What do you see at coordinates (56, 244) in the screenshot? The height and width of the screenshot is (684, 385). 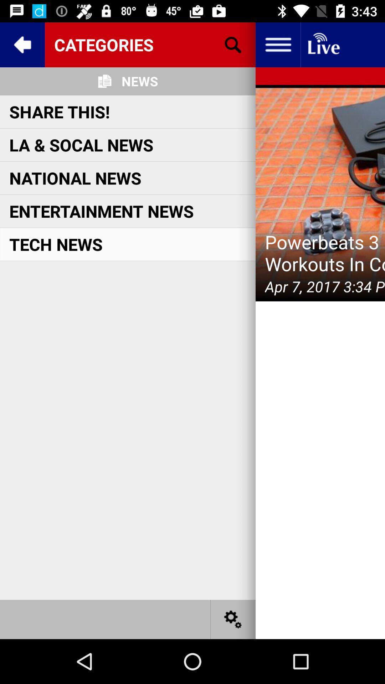 I see `tech news` at bounding box center [56, 244].